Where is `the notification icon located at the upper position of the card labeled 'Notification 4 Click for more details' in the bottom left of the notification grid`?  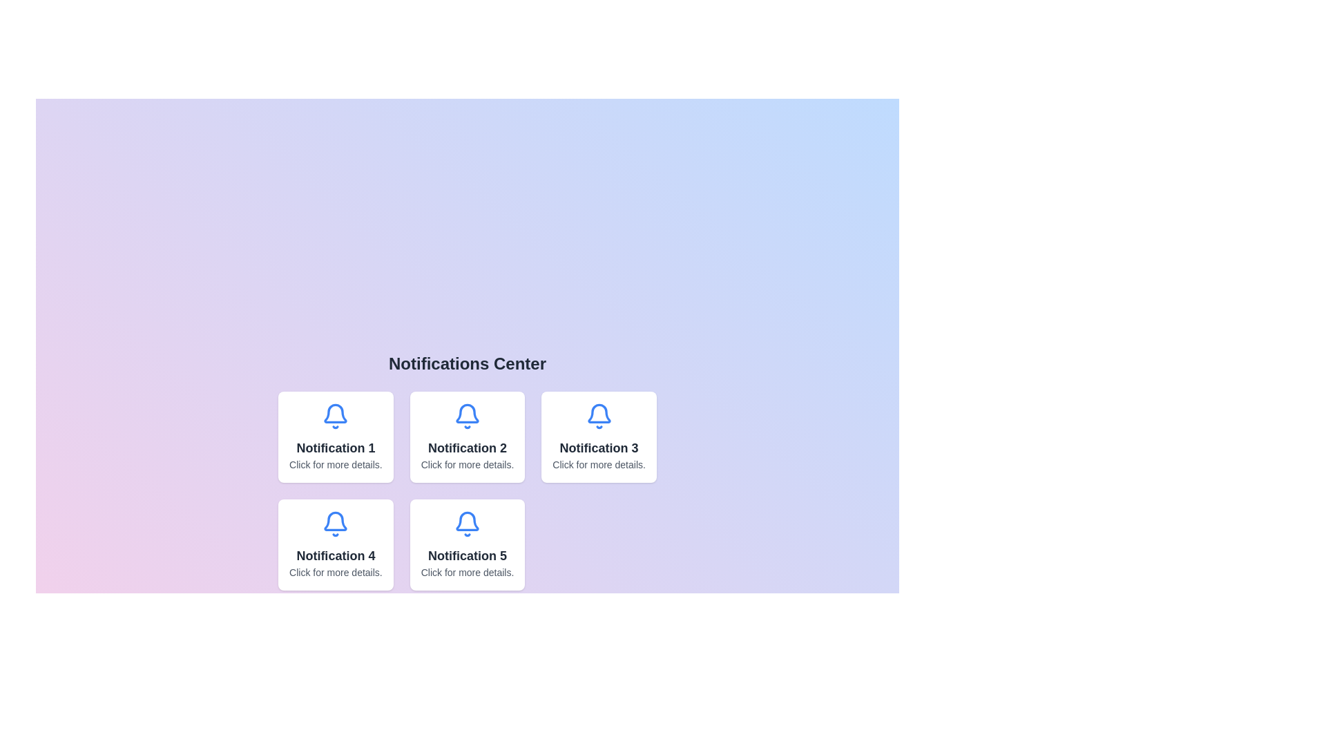 the notification icon located at the upper position of the card labeled 'Notification 4 Click for more details' in the bottom left of the notification grid is located at coordinates (336, 524).